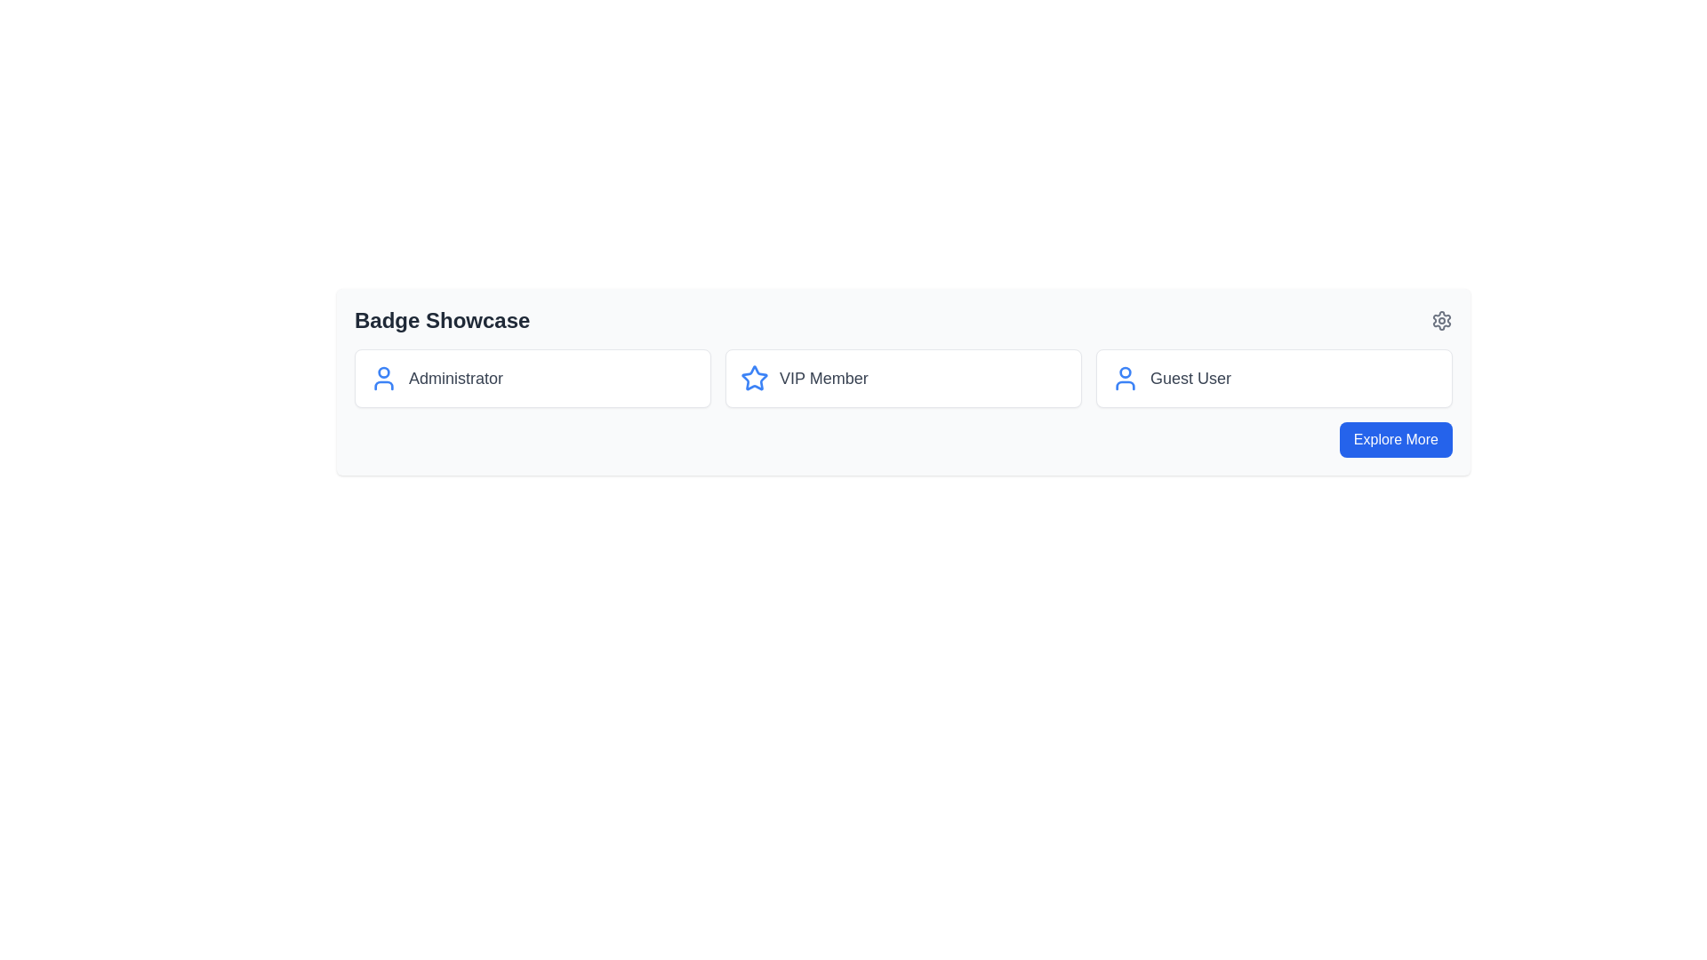 The height and width of the screenshot is (960, 1707). What do you see at coordinates (1190, 377) in the screenshot?
I see `the 'Guest User' text label located in the third card of the horizontal arrangement of user role cards, which is right-aligned to a user icon` at bounding box center [1190, 377].